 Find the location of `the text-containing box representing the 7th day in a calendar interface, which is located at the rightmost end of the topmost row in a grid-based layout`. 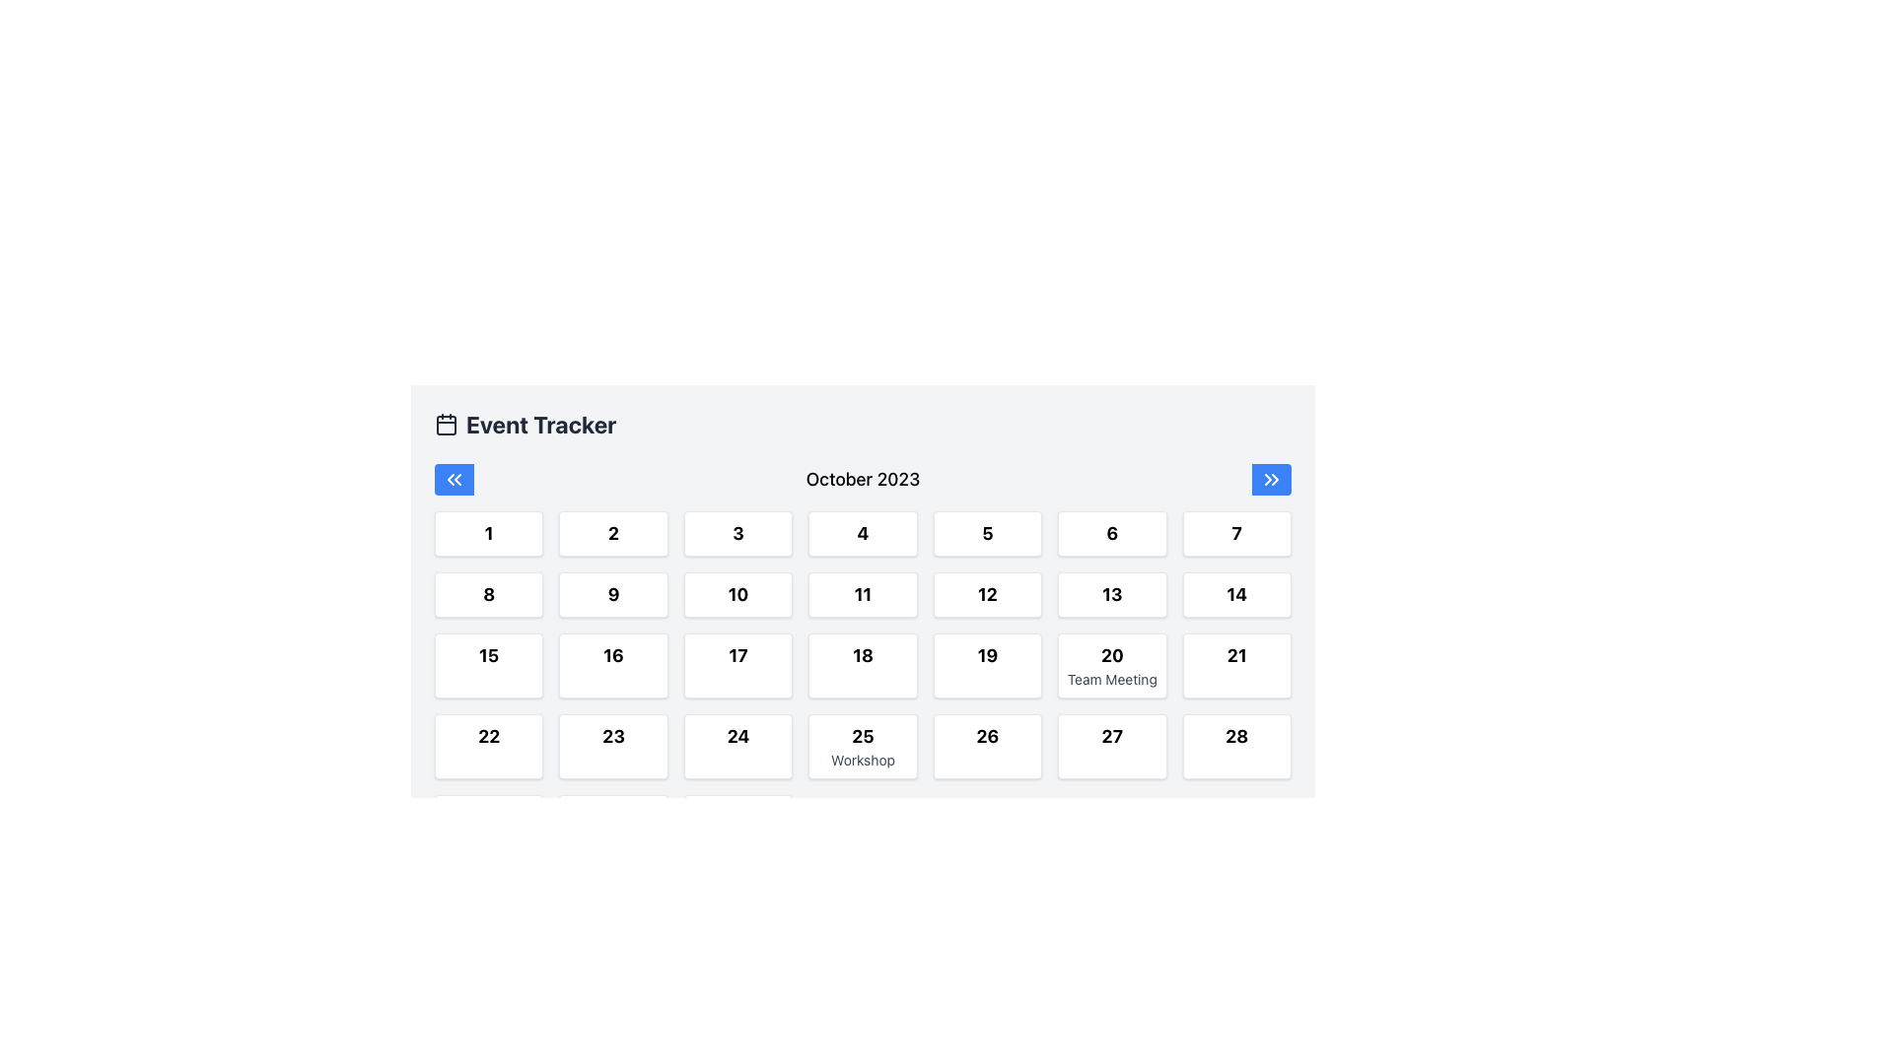

the text-containing box representing the 7th day in a calendar interface, which is located at the rightmost end of the topmost row in a grid-based layout is located at coordinates (1235, 534).